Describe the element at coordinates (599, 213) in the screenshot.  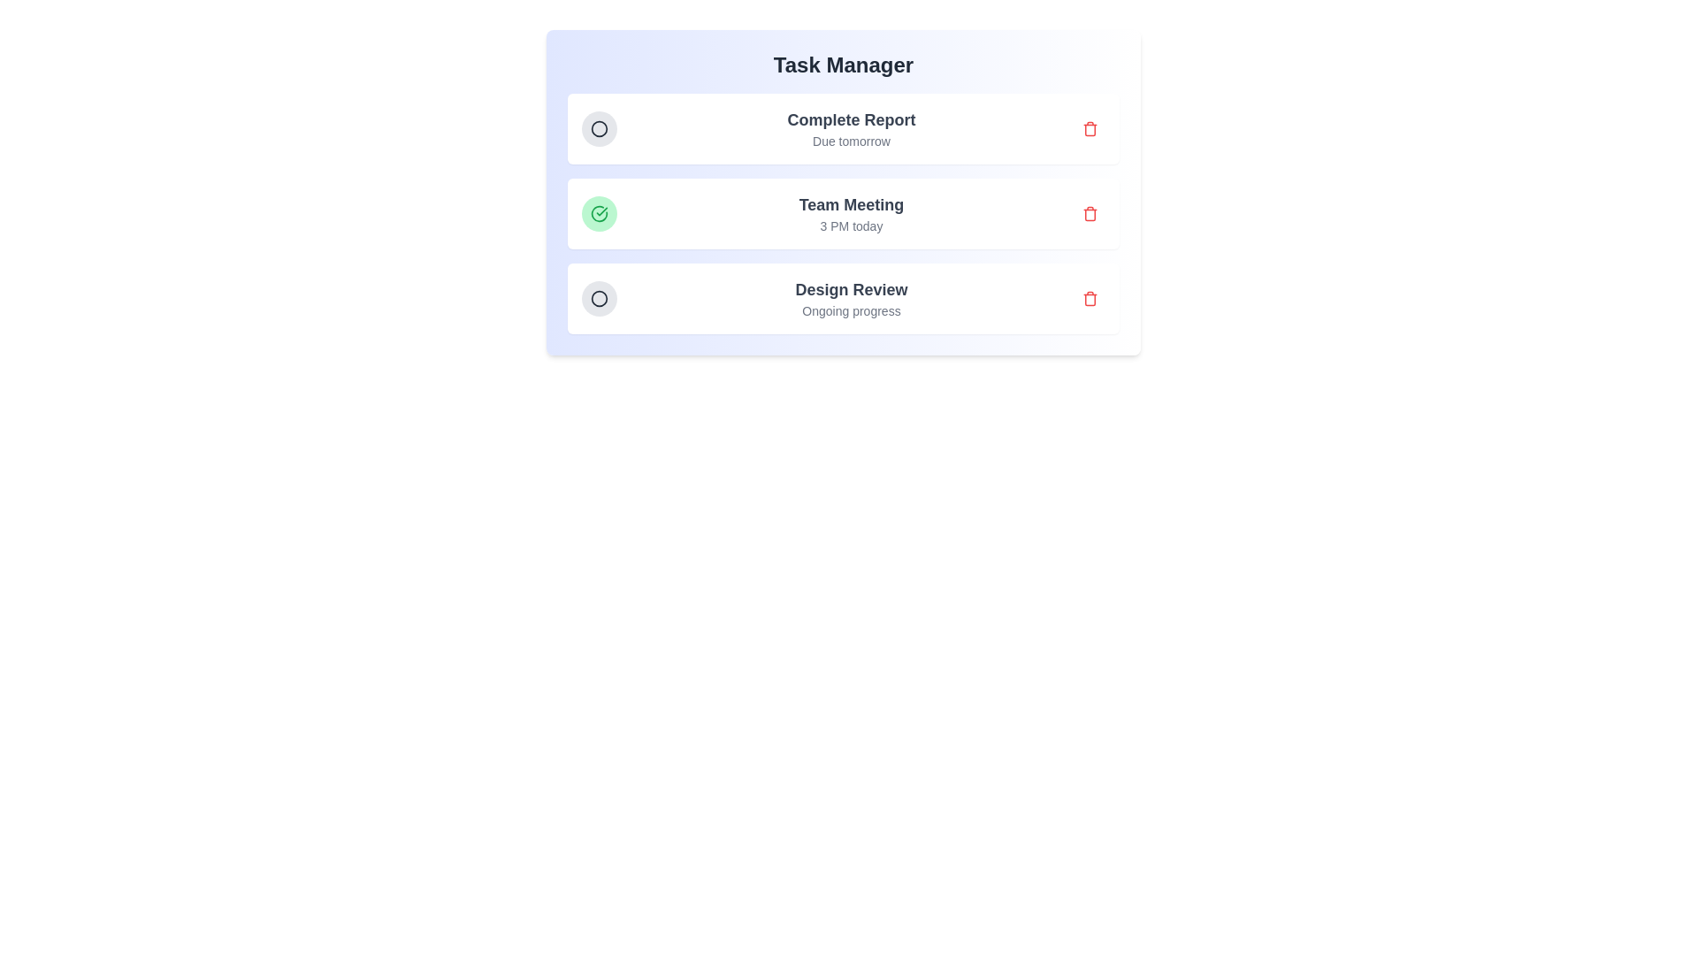
I see `the button located to the left of the 'Team Meeting' text in the second row of the task manager interface to indicate completion` at that location.